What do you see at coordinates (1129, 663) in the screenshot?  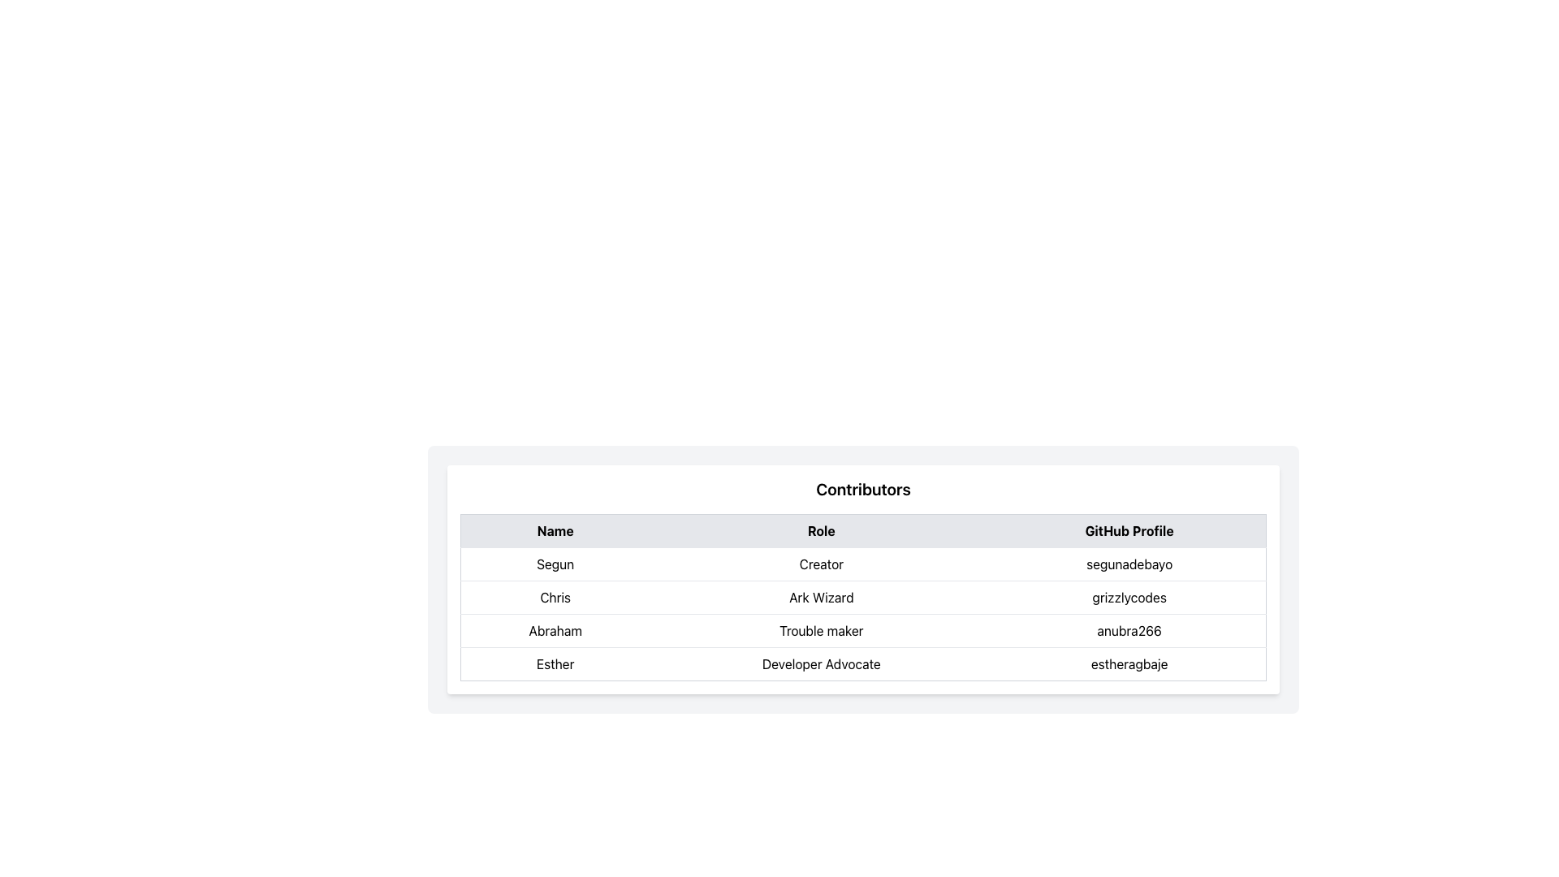 I see `text of the text label displaying 'estheragbaje' located in the 'GitHub Profile' column of the table under the 'Contributors' header` at bounding box center [1129, 663].